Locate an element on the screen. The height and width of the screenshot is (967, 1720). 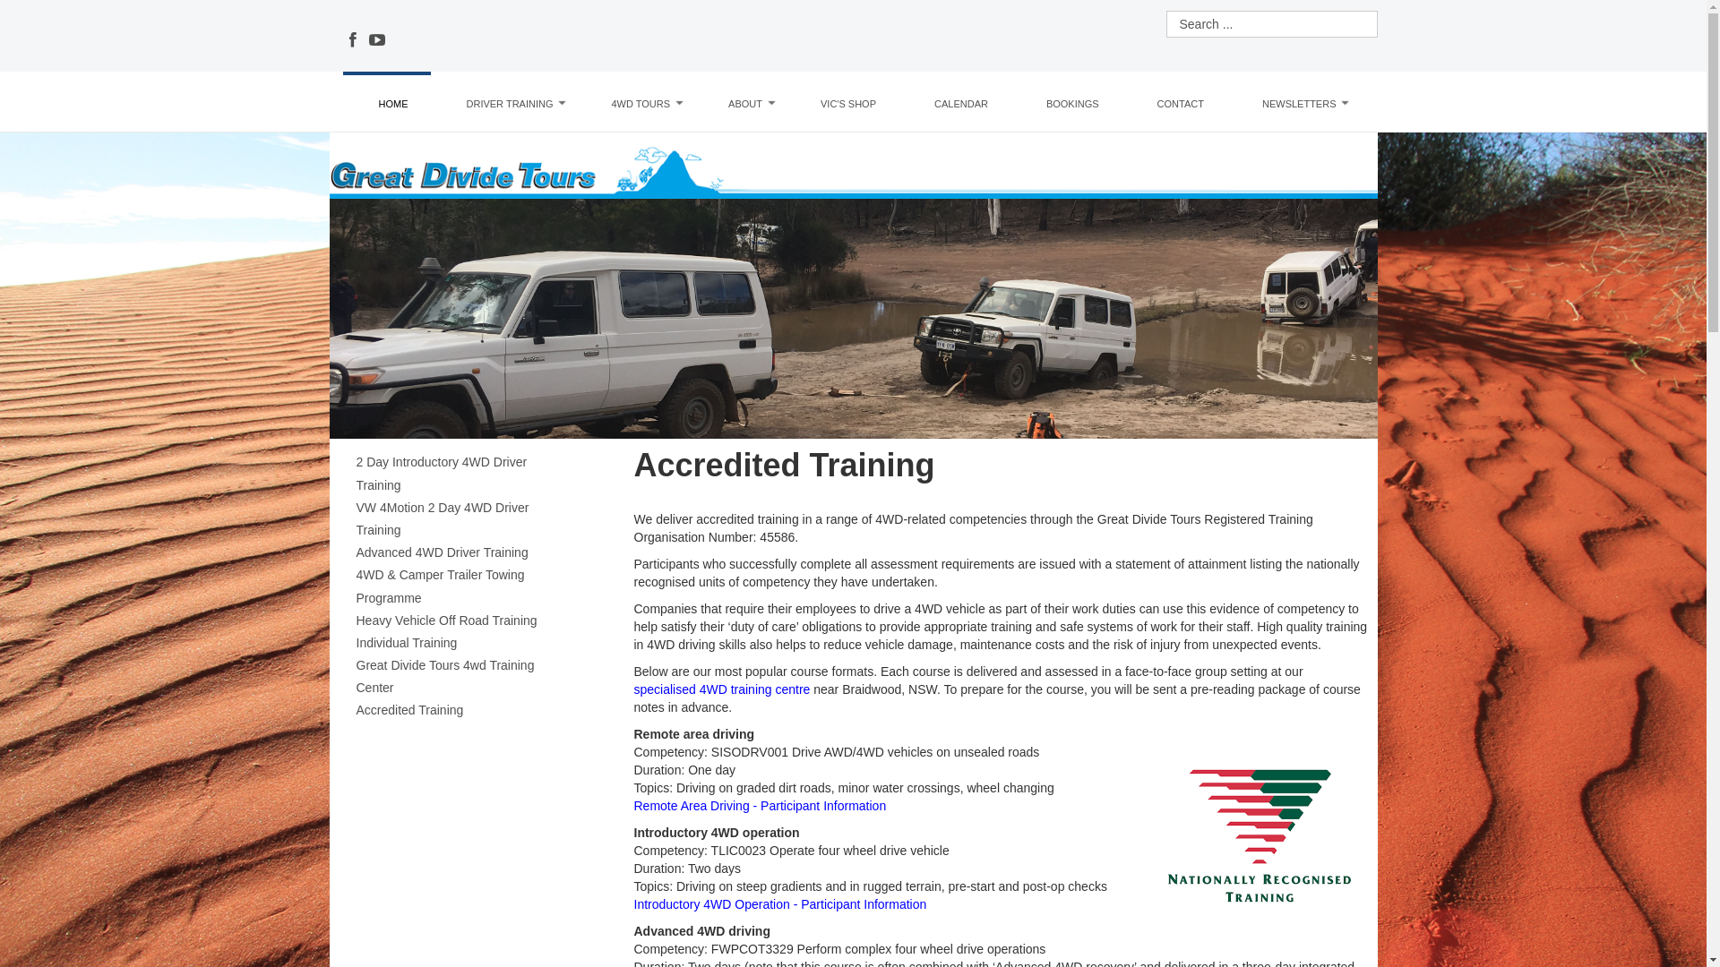
'Heavy Vehicle Off Road Training' is located at coordinates (464, 620).